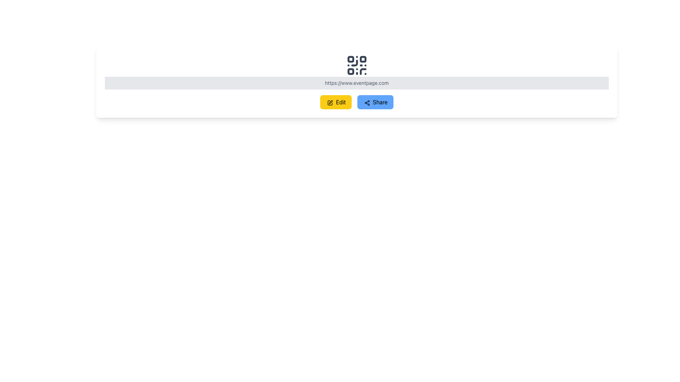 Image resolution: width=680 pixels, height=382 pixels. Describe the element at coordinates (330, 102) in the screenshot. I see `the small vector shape icon resembling a pen, which is positioned next to the 'Edit' button in the header bar of the interface` at that location.